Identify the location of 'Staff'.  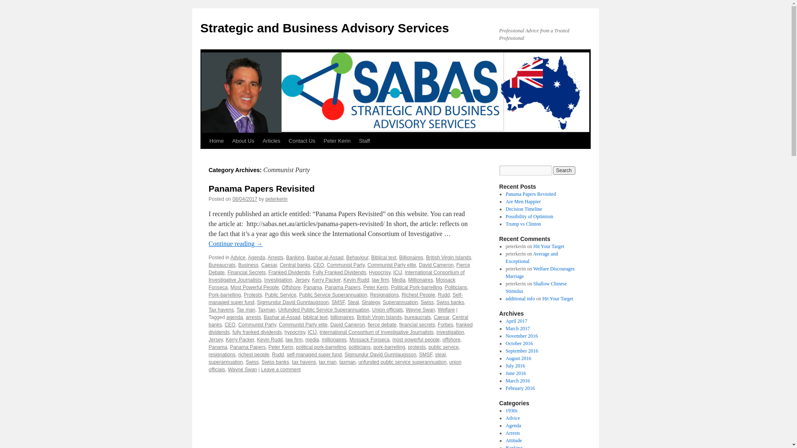
(364, 140).